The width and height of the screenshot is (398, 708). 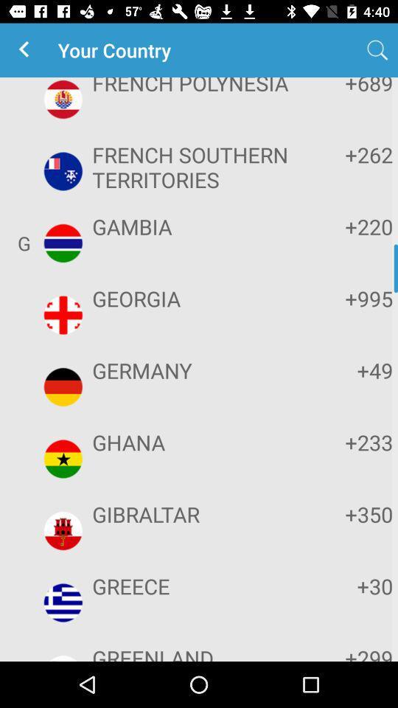 What do you see at coordinates (347, 226) in the screenshot?
I see `the item to the right of the gambia app` at bounding box center [347, 226].